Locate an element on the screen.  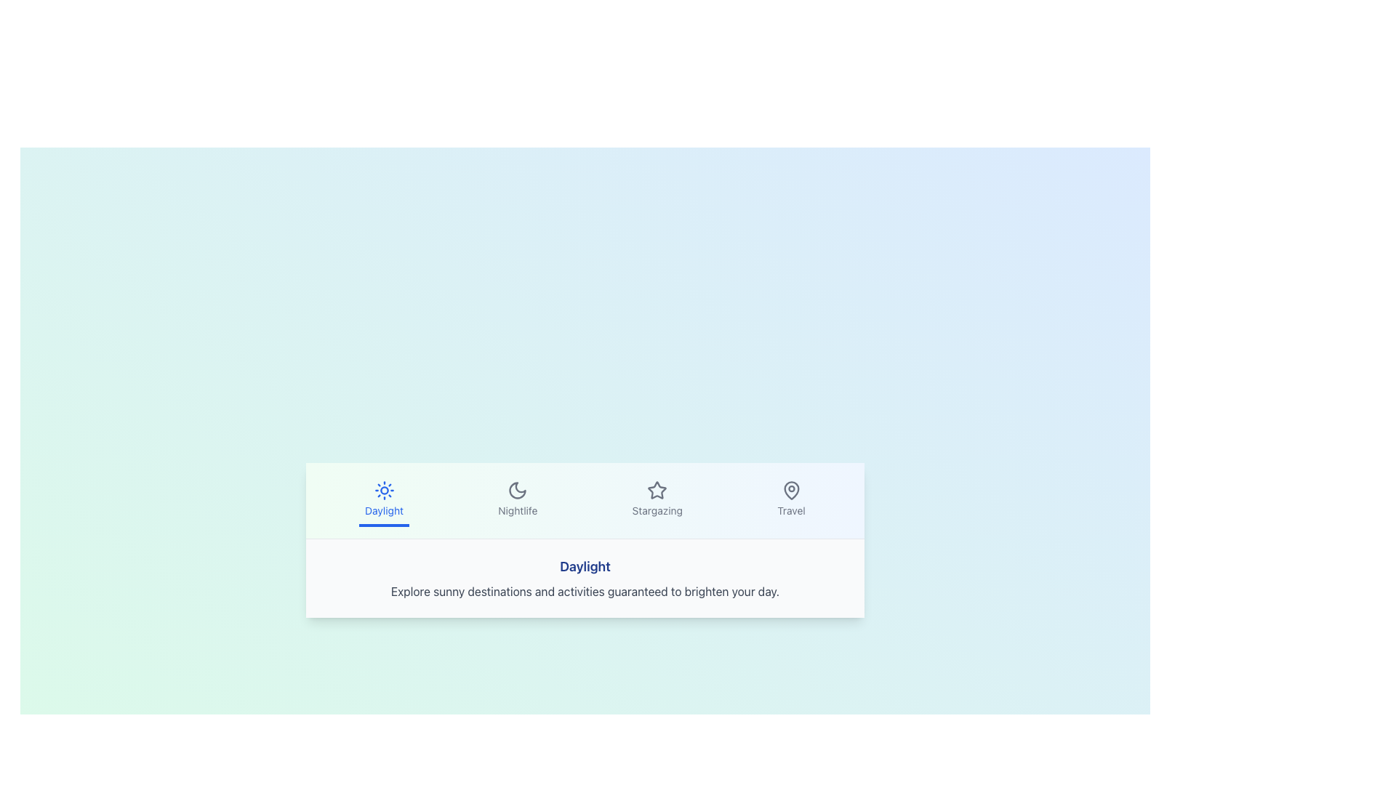
the outlined star icon in the 'Stargazing' group located in the navigation bar is located at coordinates (657, 490).